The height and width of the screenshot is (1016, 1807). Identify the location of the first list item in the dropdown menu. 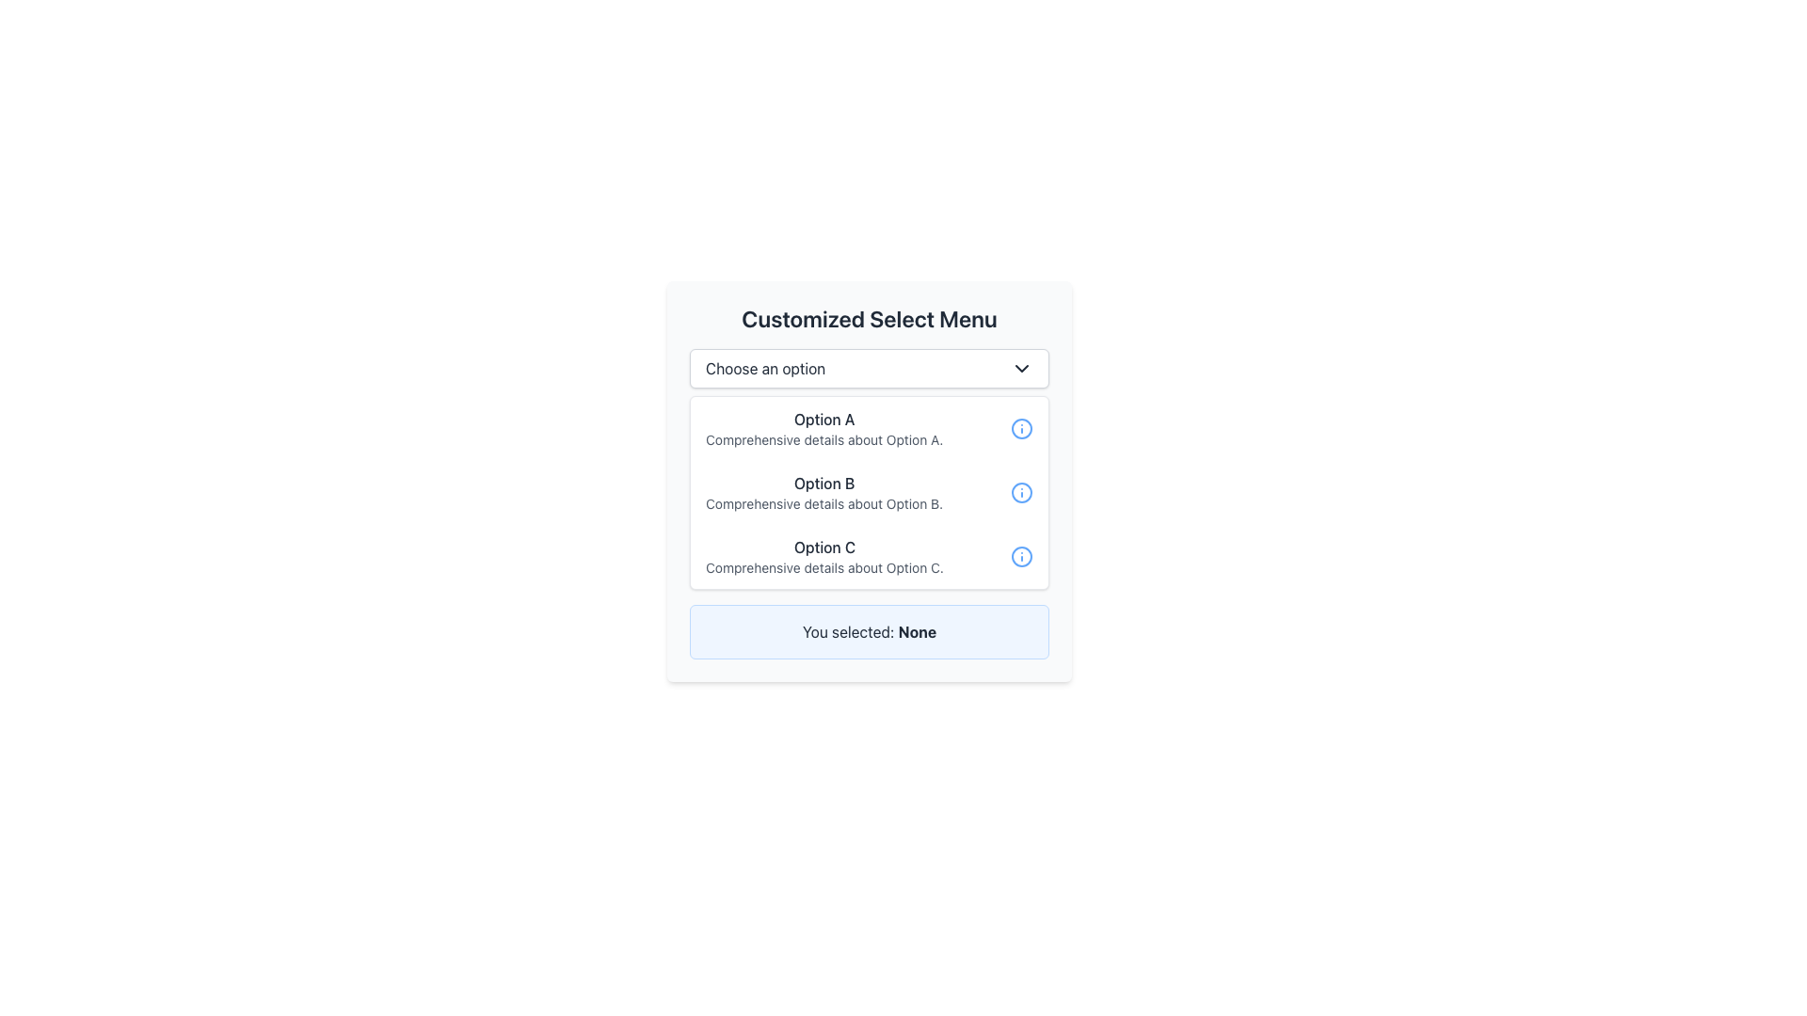
(869, 428).